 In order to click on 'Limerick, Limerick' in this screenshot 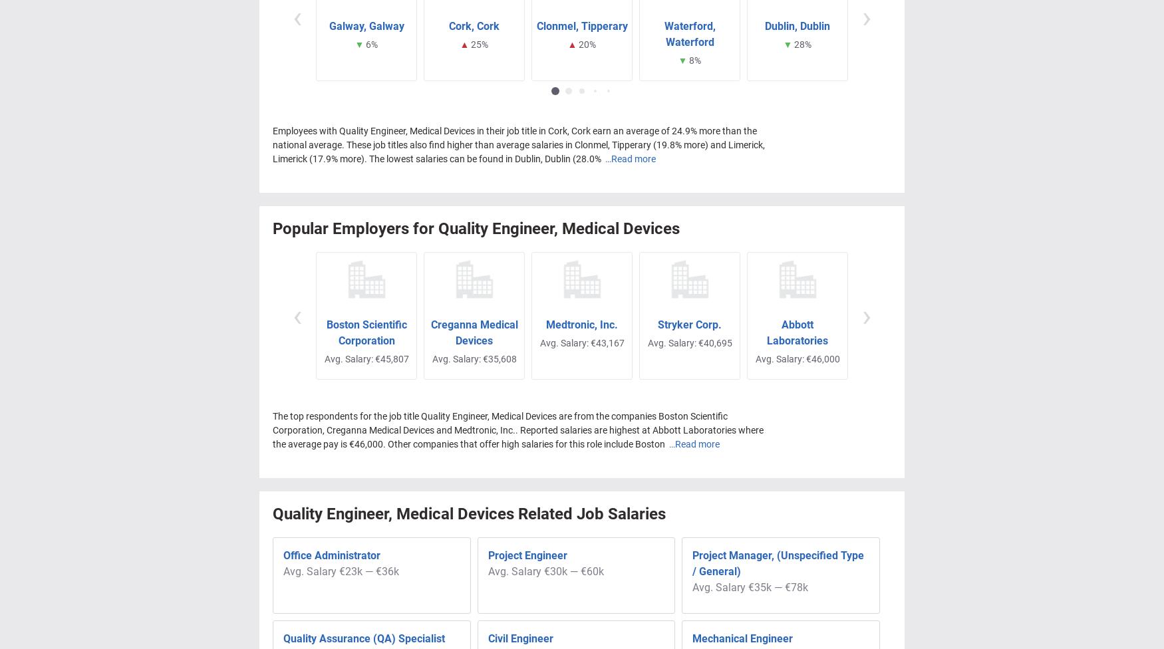, I will do `click(905, 21)`.